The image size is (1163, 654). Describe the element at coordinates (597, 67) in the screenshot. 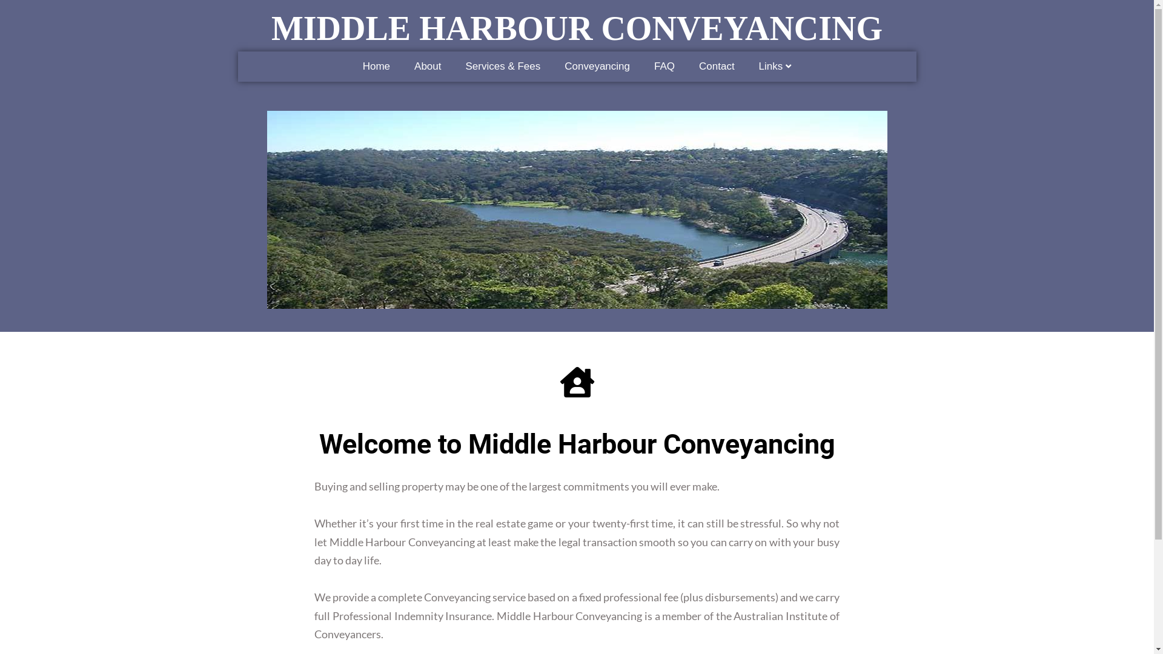

I see `'Conveyancing'` at that location.